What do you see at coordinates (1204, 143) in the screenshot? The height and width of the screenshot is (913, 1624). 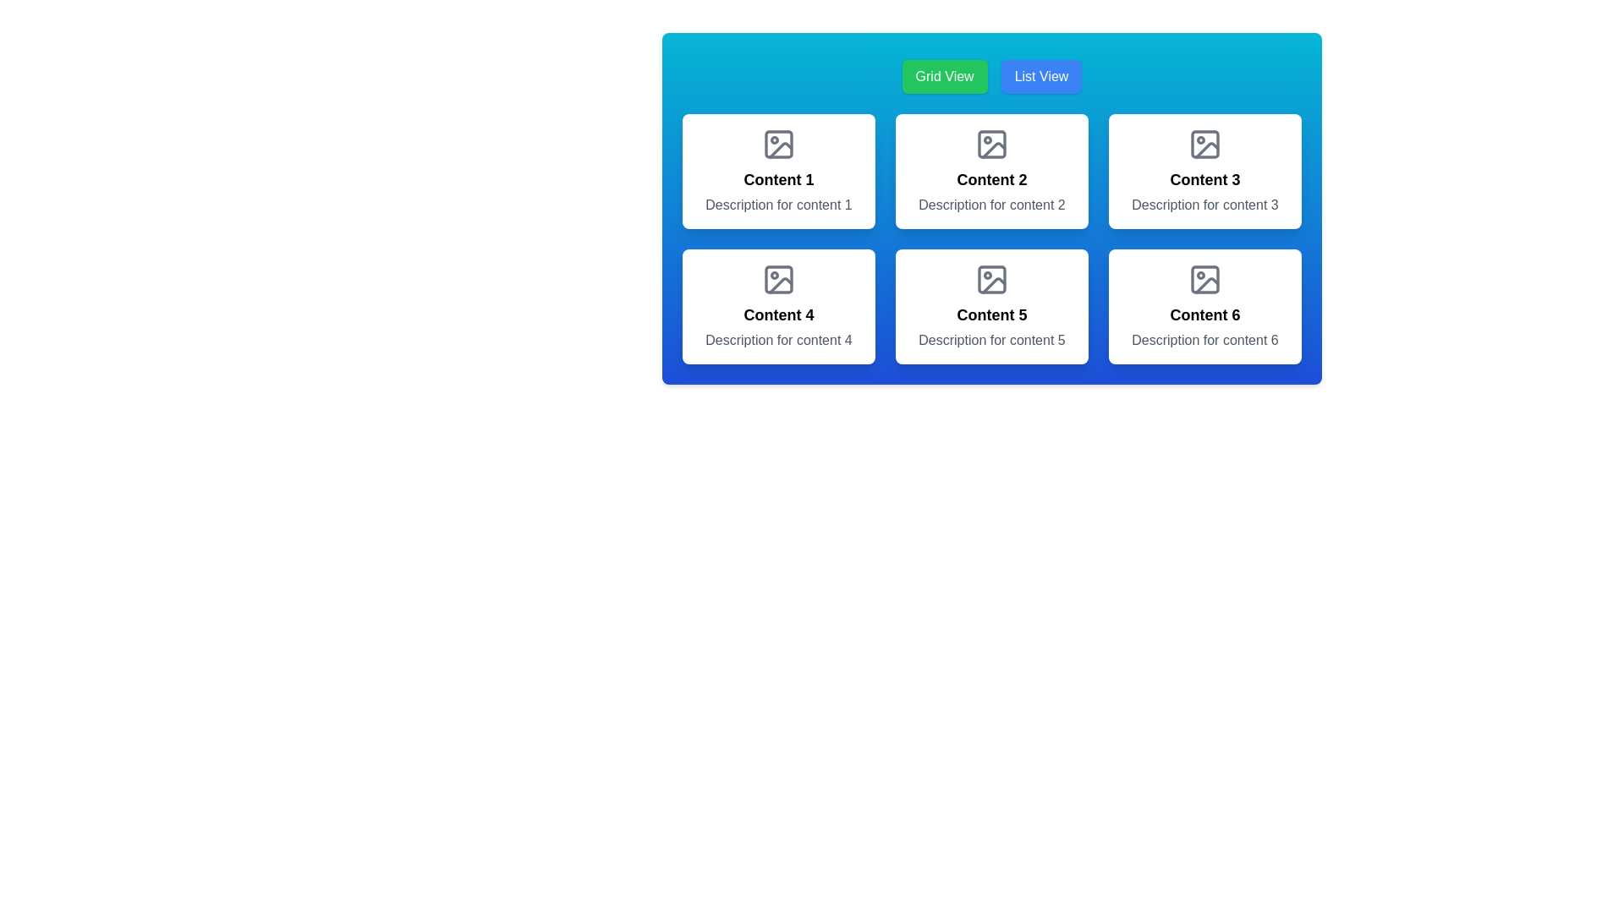 I see `the graphic icon of an image located at the top-center of the 'Content 3' card, which is above the text 'Content 3'` at bounding box center [1204, 143].